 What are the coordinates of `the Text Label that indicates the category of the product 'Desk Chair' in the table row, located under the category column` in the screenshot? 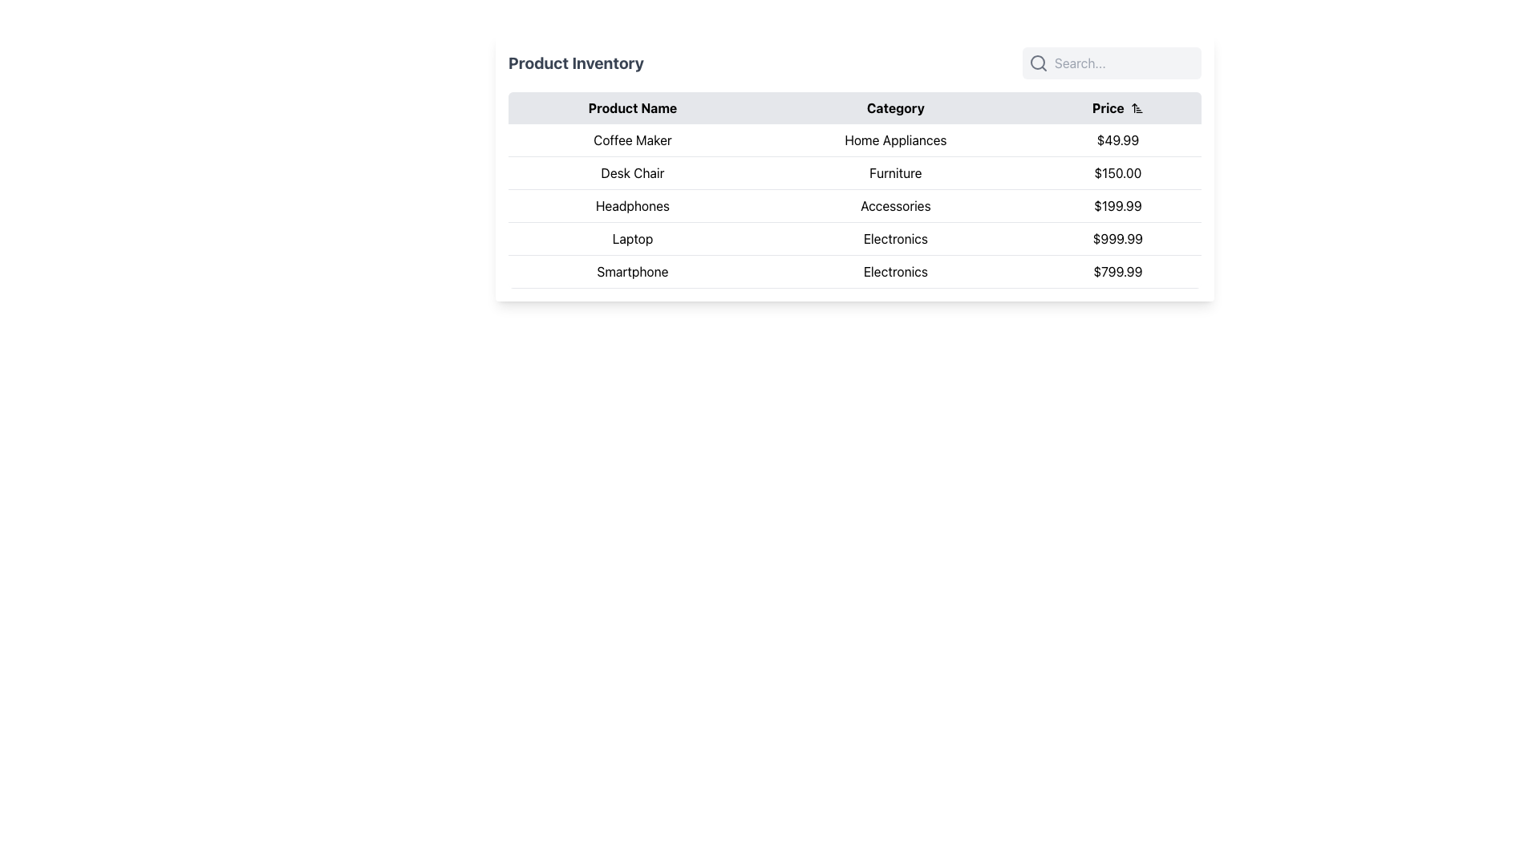 It's located at (894, 173).